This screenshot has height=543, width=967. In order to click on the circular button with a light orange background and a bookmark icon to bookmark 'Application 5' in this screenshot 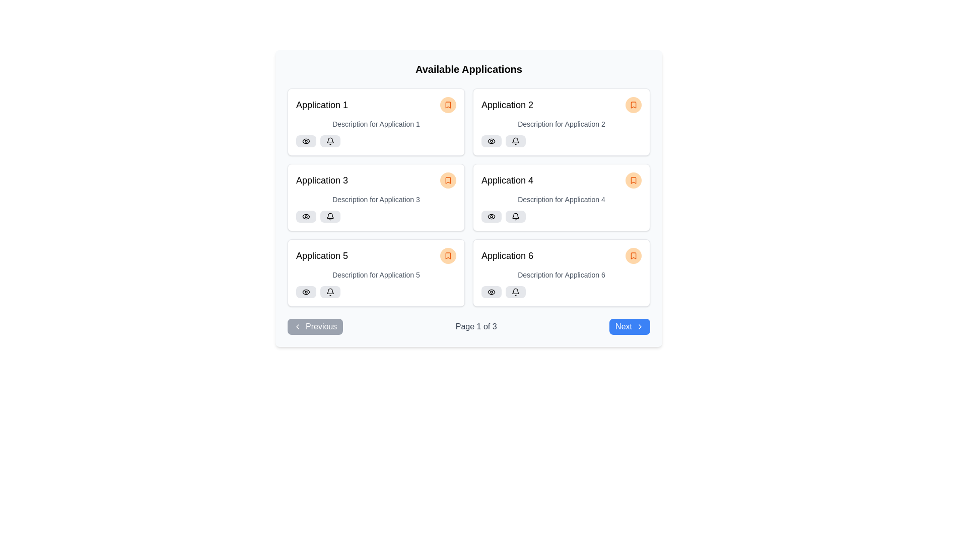, I will do `click(447, 255)`.